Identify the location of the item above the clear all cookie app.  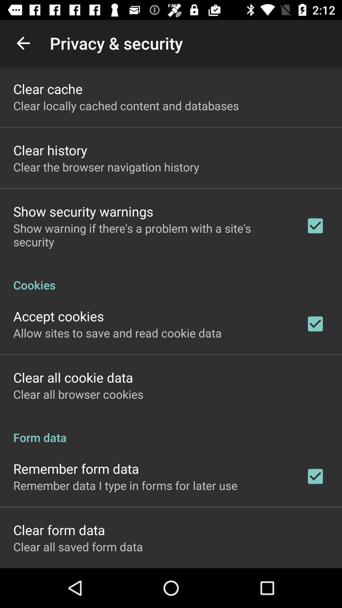
(117, 332).